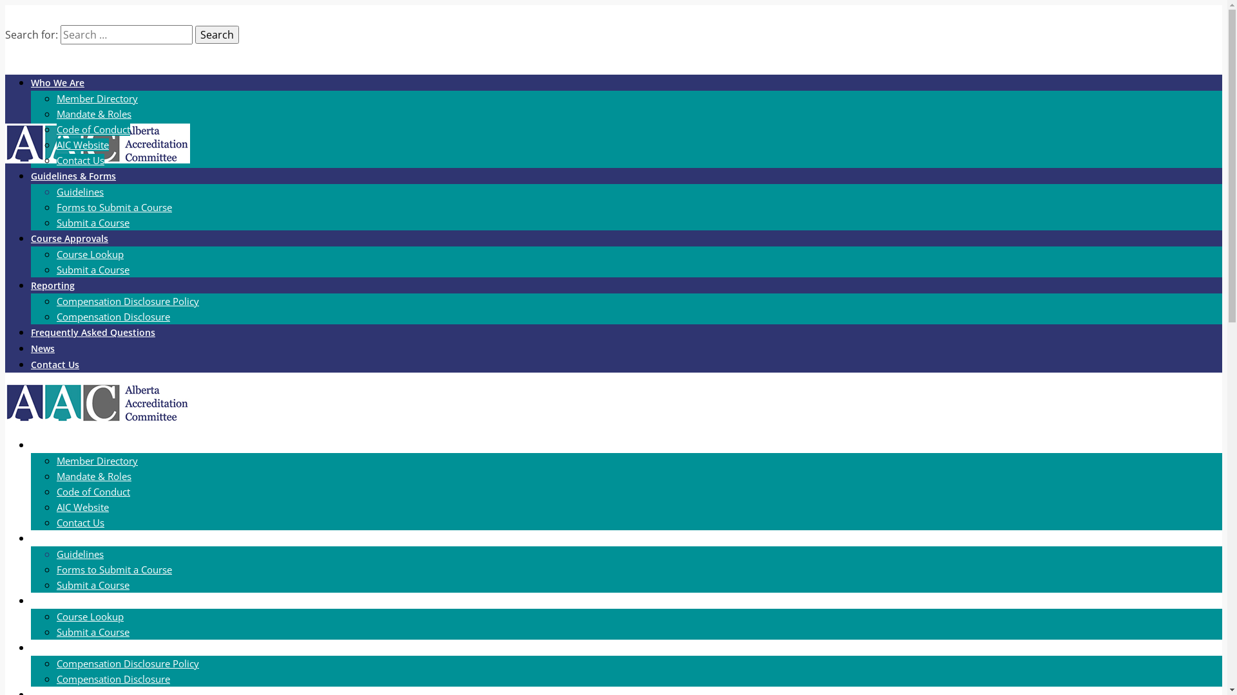  I want to click on 'Who We Are', so click(57, 82).